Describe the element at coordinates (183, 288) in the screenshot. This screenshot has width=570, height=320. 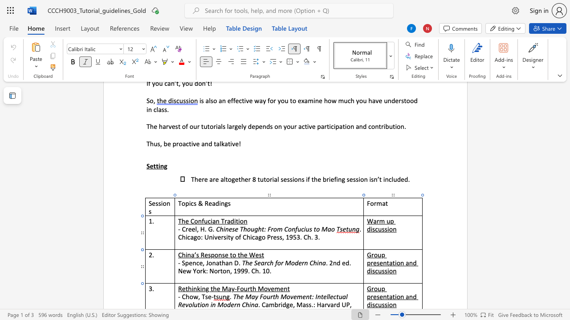
I see `the 1th character "e" in the text` at that location.